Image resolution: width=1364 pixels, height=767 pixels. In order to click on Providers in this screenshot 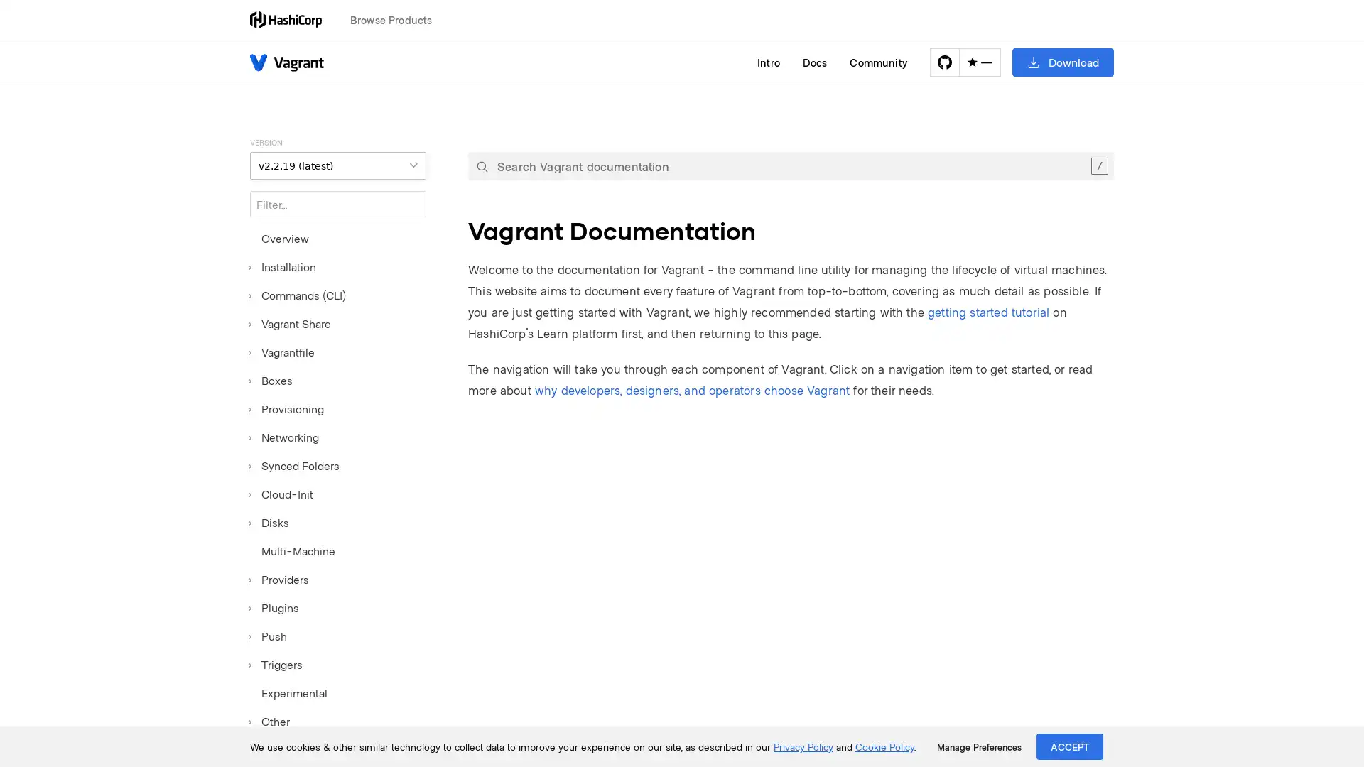, I will do `click(279, 580)`.